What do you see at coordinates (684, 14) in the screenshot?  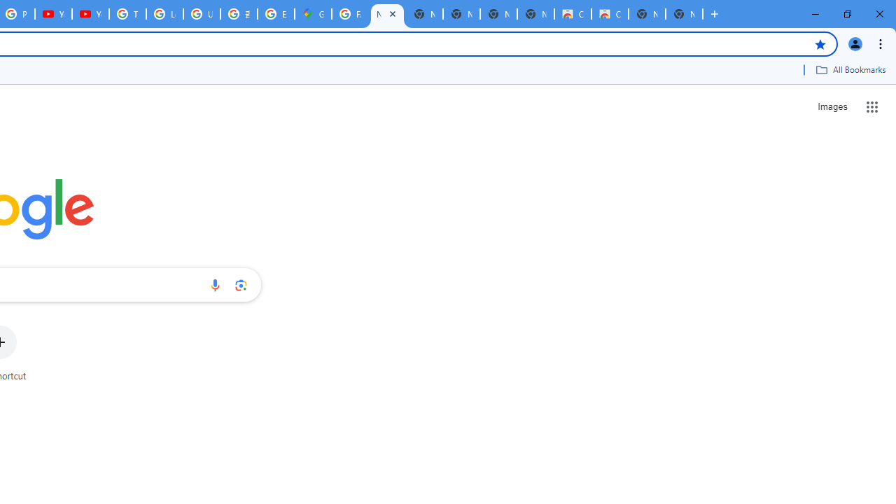 I see `'New Tab'` at bounding box center [684, 14].